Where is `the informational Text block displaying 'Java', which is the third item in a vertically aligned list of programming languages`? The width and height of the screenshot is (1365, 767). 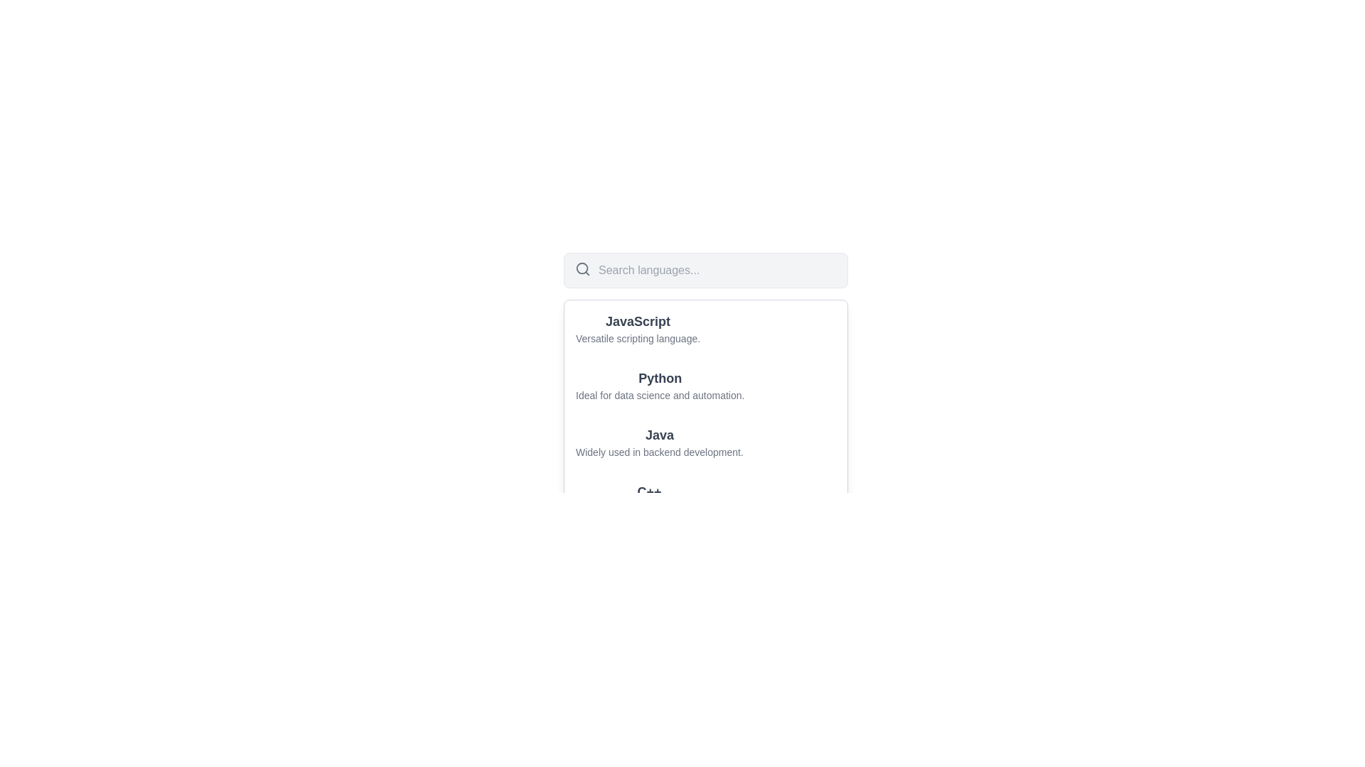
the informational Text block displaying 'Java', which is the third item in a vertically aligned list of programming languages is located at coordinates (706, 442).